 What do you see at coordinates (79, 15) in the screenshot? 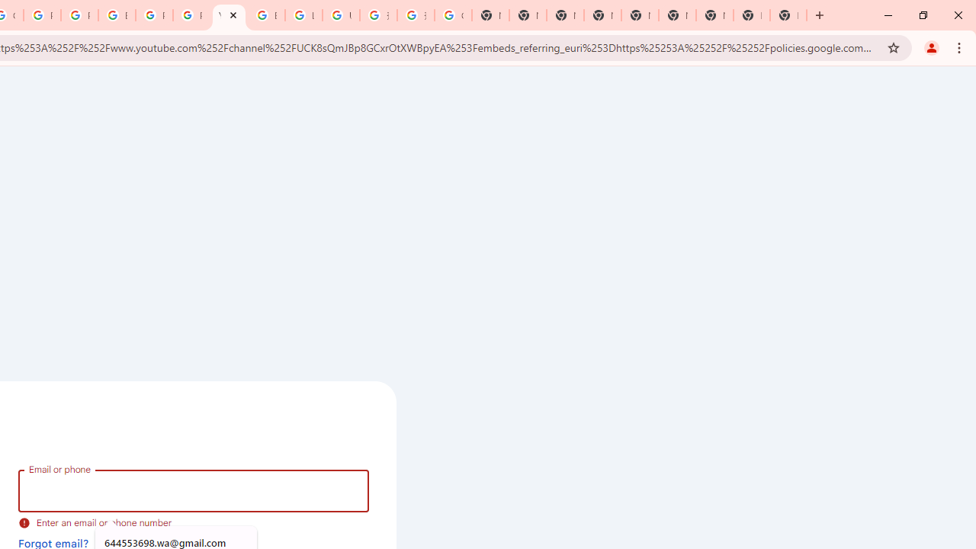
I see `'Privacy Help Center - Policies Help'` at bounding box center [79, 15].